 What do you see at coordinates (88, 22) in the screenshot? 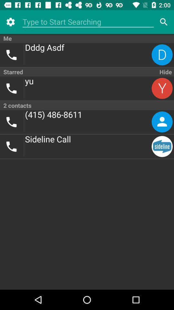
I see `search bar` at bounding box center [88, 22].